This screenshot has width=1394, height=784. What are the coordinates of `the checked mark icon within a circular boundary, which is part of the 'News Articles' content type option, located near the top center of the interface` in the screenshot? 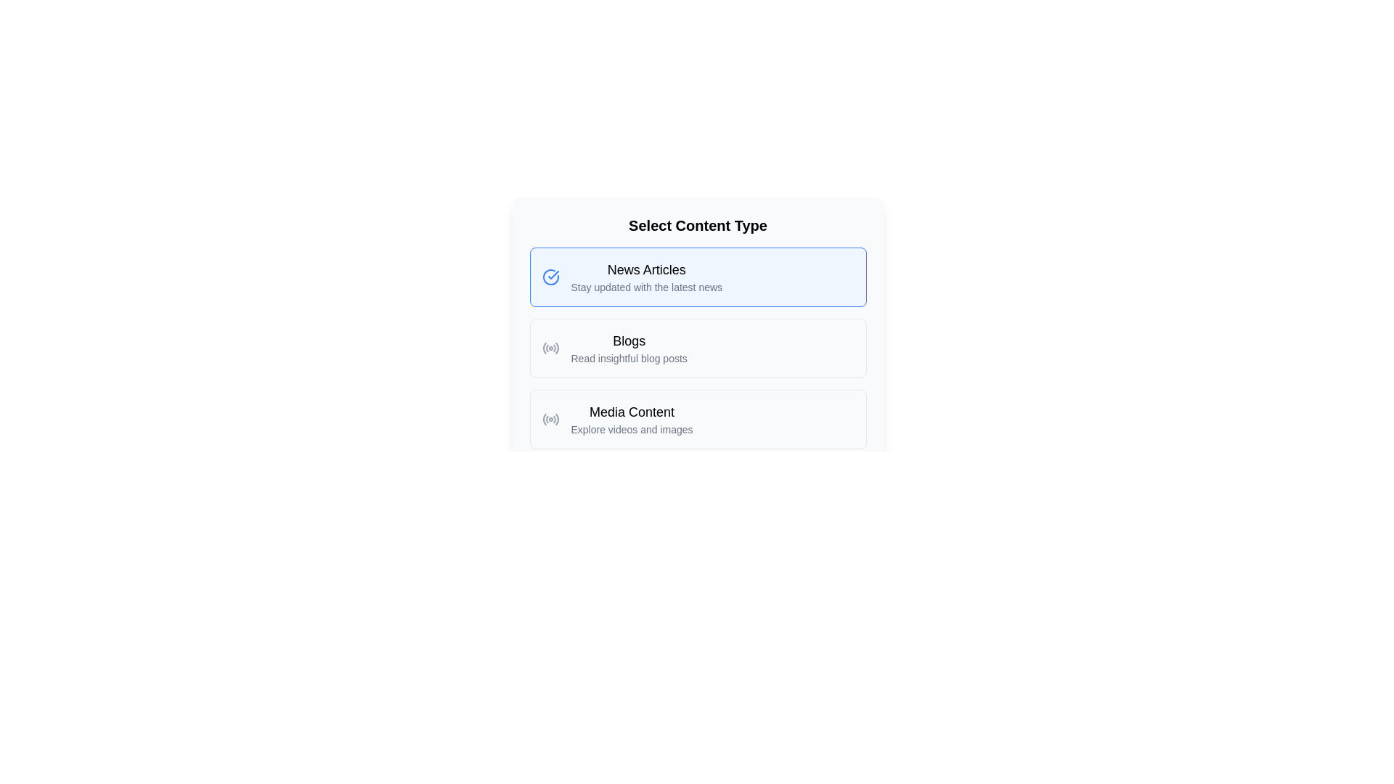 It's located at (553, 274).